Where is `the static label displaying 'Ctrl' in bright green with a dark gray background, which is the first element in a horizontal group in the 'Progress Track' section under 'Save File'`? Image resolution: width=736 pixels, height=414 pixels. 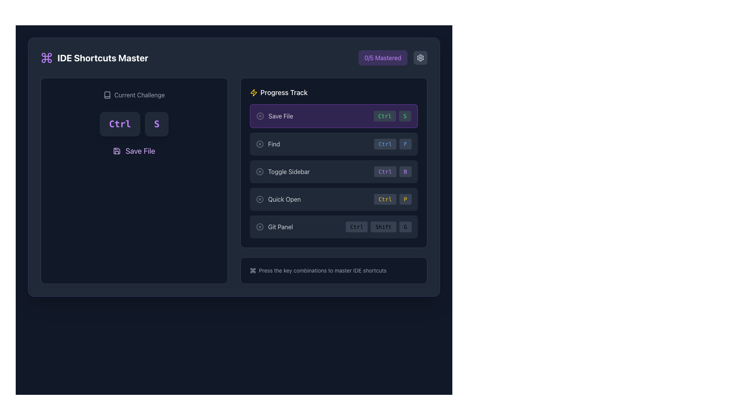 the static label displaying 'Ctrl' in bright green with a dark gray background, which is the first element in a horizontal group in the 'Progress Track' section under 'Save File' is located at coordinates (384, 116).